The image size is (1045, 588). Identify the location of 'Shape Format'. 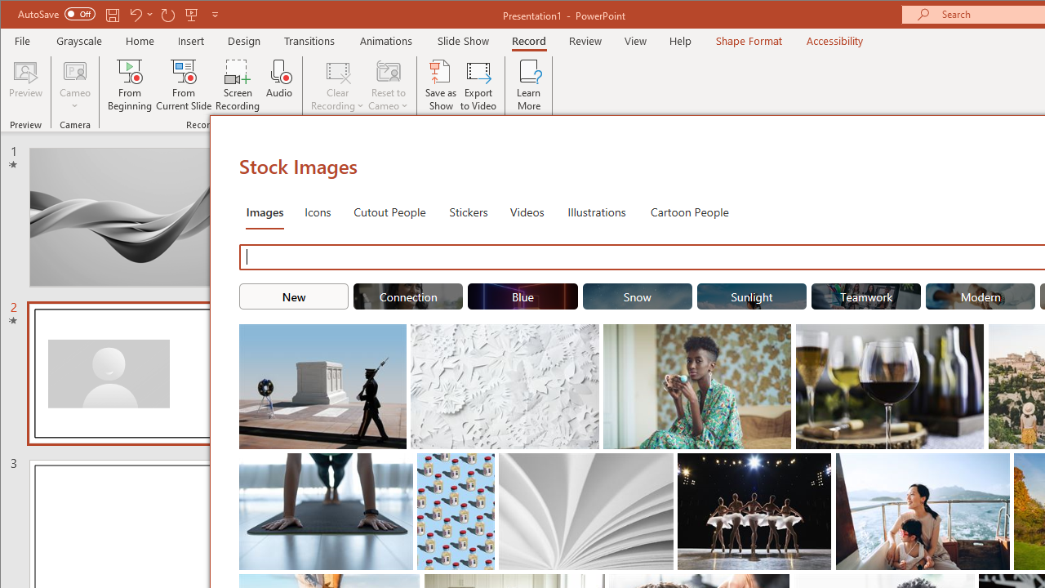
(748, 40).